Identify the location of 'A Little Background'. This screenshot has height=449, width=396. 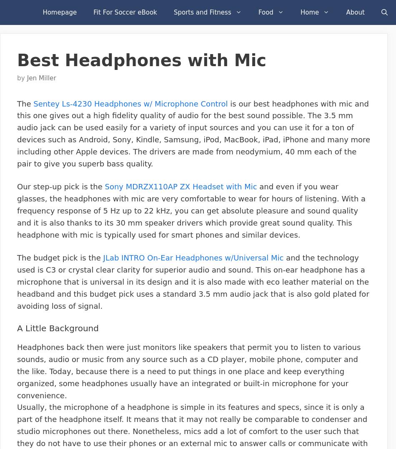
(58, 328).